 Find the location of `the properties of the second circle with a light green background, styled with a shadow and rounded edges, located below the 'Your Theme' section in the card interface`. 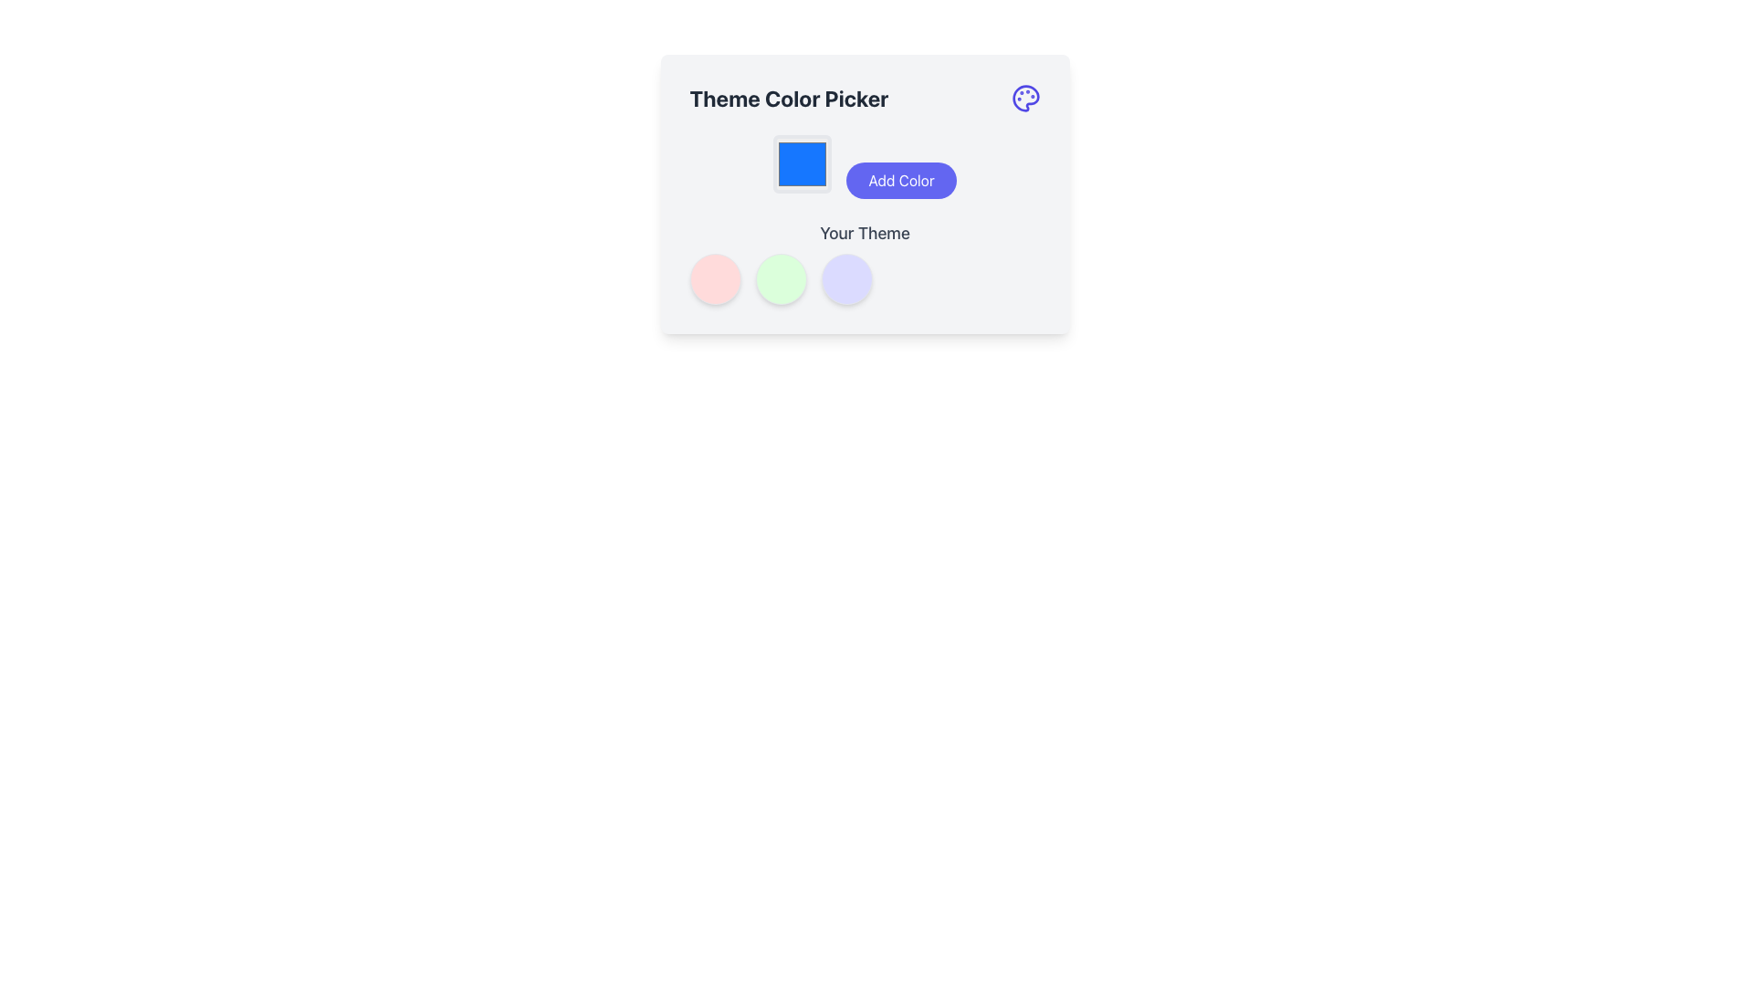

the properties of the second circle with a light green background, styled with a shadow and rounded edges, located below the 'Your Theme' section in the card interface is located at coordinates (781, 278).